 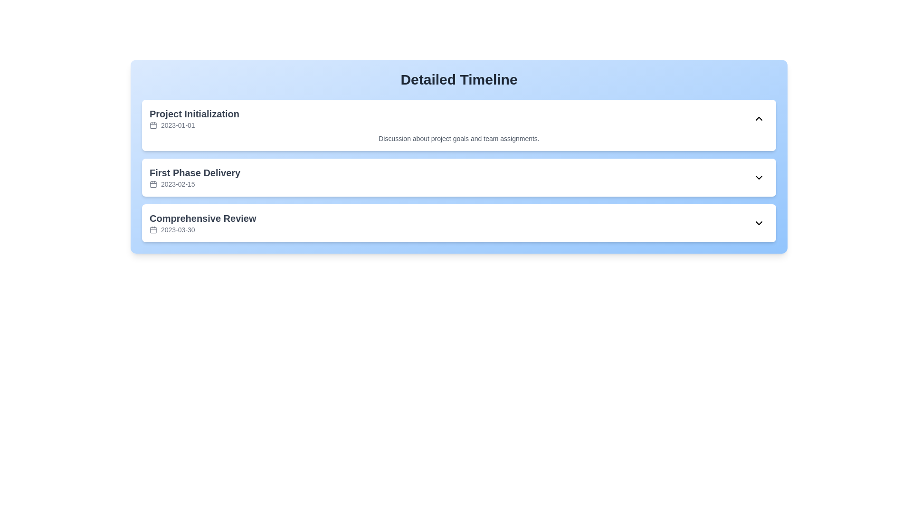 I want to click on the non-interactive text display element representing the timeline entry titled 'Comprehensive Review' with the date '2023-03-30', which is the third item in a vertical list of timeline entries, so click(x=202, y=223).